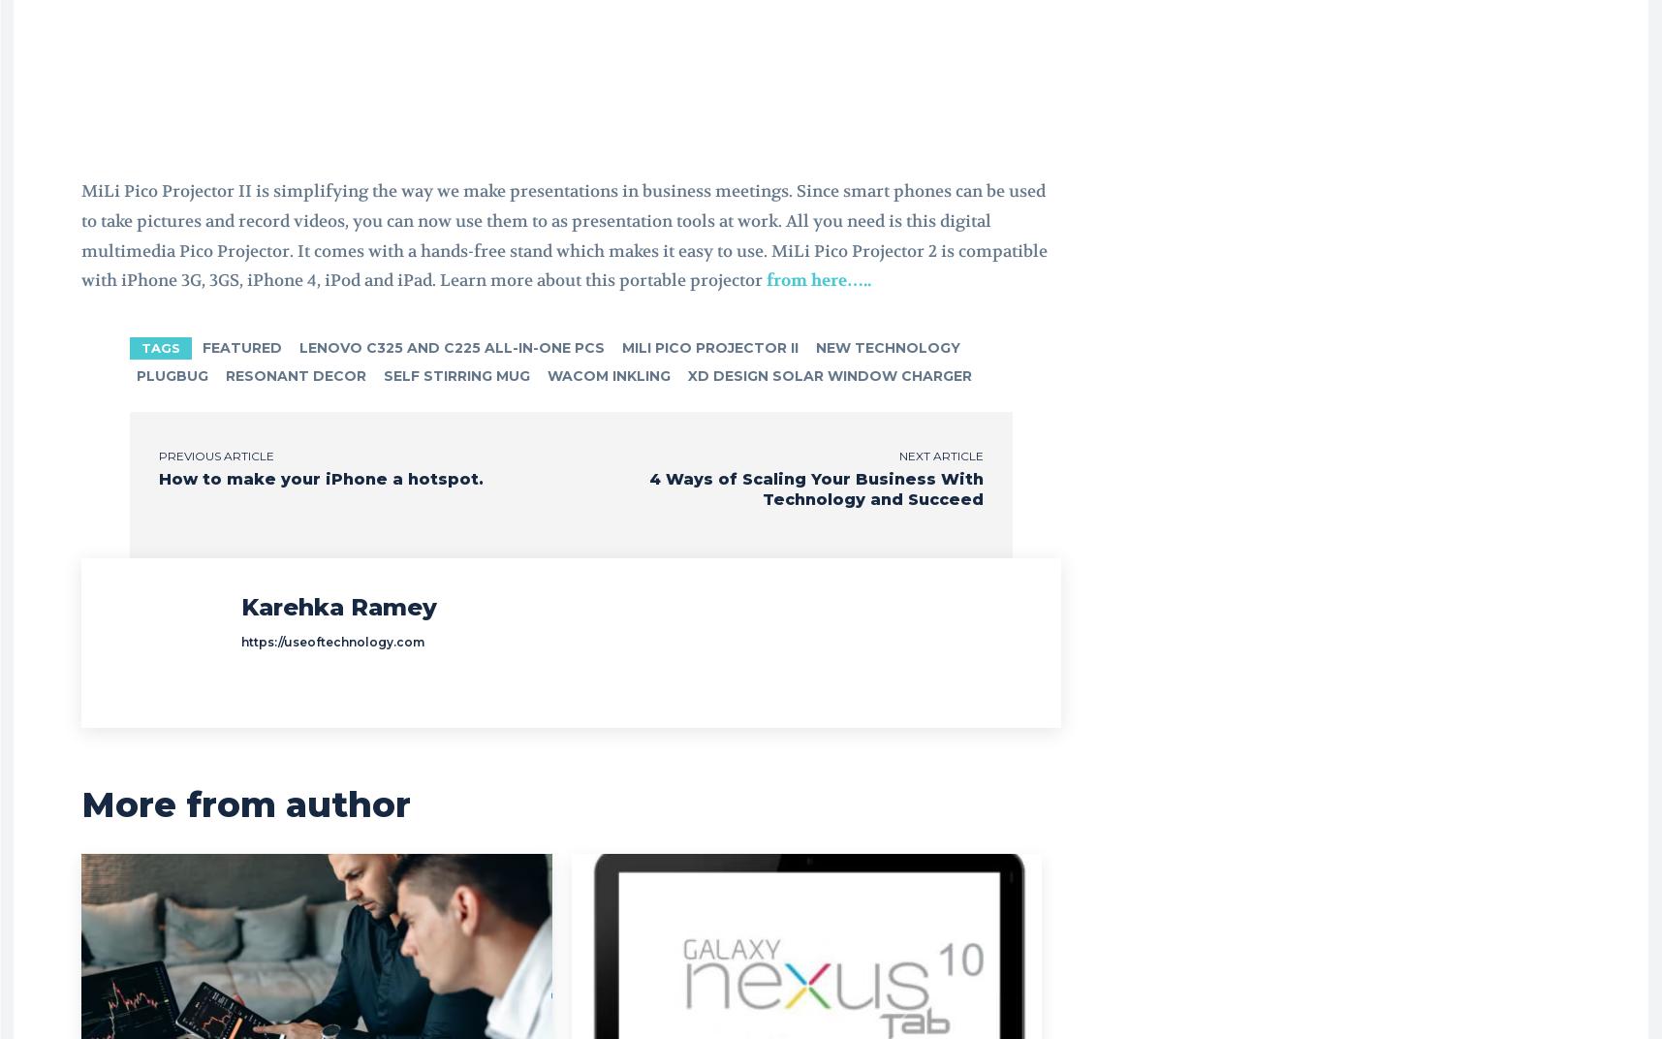 This screenshot has height=1039, width=1662. Describe the element at coordinates (546, 374) in the screenshot. I see `'Wacom Inkling'` at that location.